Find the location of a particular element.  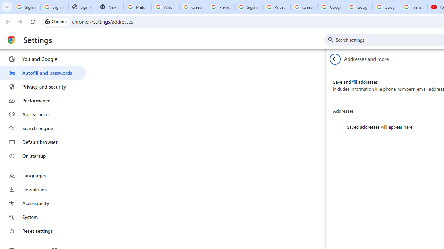

'Downloads' is located at coordinates (43, 189).